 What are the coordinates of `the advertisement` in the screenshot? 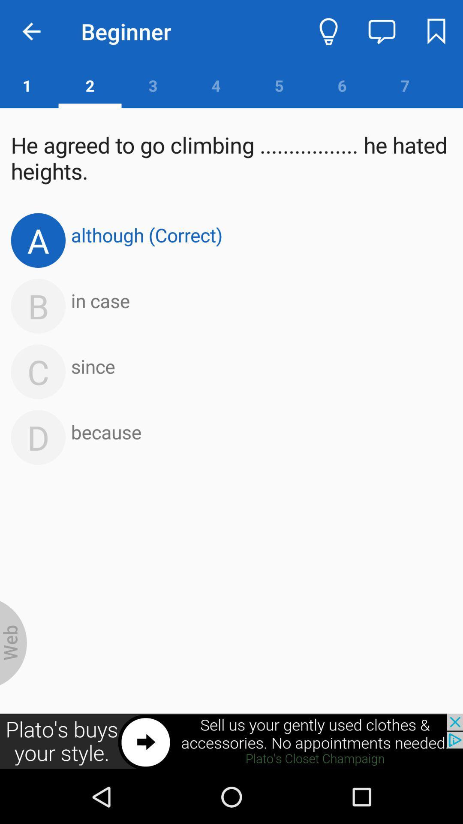 It's located at (231, 741).